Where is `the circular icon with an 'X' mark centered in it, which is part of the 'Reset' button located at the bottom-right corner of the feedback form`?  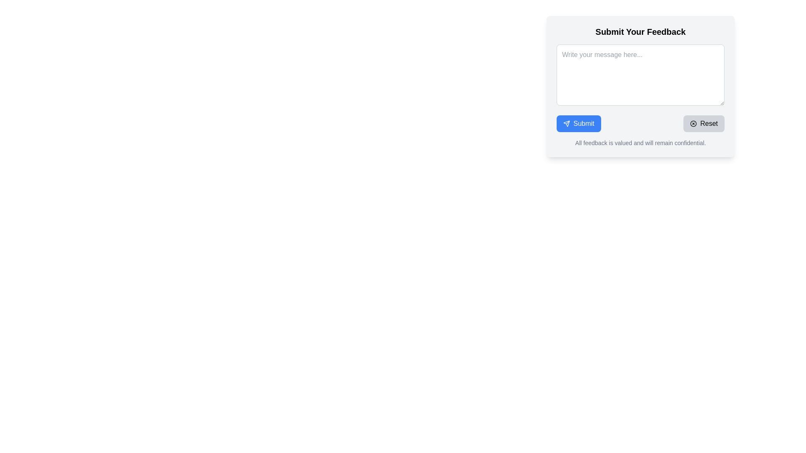
the circular icon with an 'X' mark centered in it, which is part of the 'Reset' button located at the bottom-right corner of the feedback form is located at coordinates (693, 123).